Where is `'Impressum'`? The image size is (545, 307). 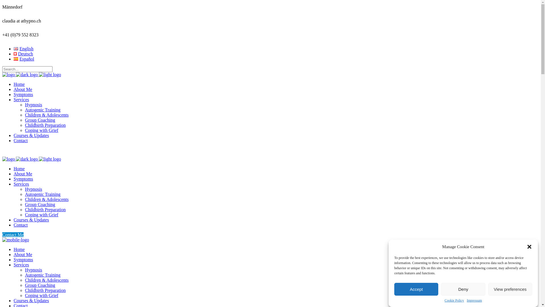
'Impressum' is located at coordinates (466, 300).